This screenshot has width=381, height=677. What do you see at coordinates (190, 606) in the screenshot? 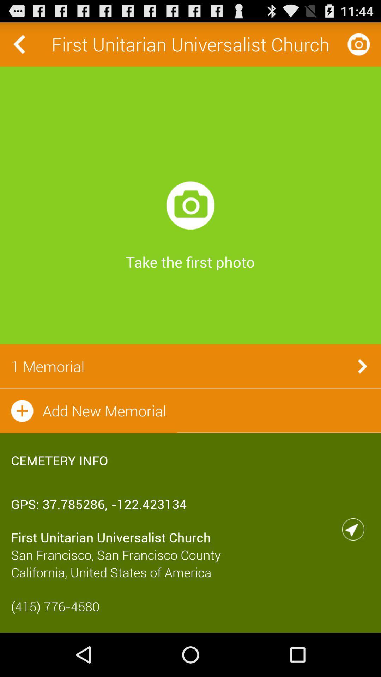
I see `the icon below the california united states icon` at bounding box center [190, 606].